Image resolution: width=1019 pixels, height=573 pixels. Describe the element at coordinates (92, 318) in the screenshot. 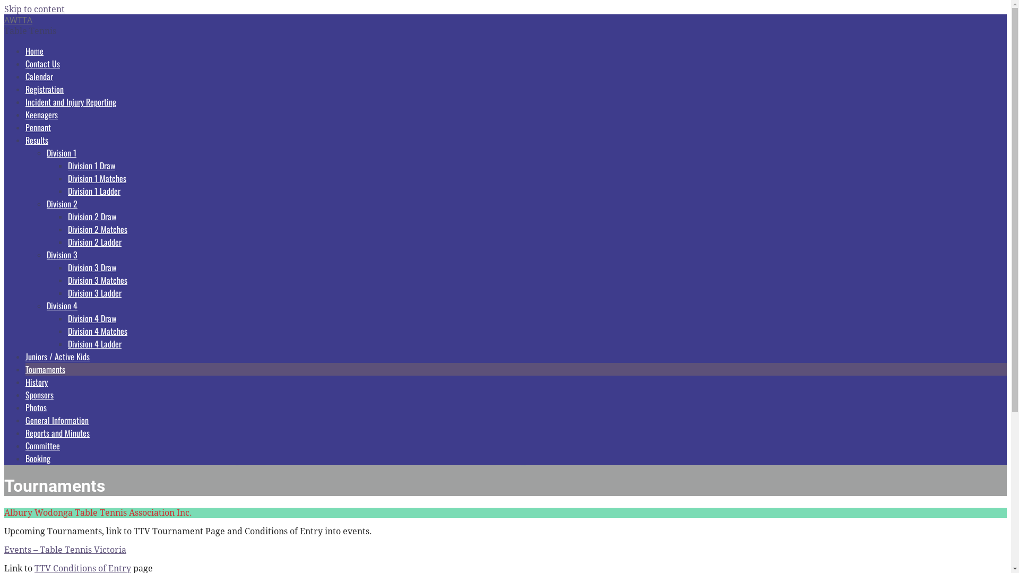

I see `'Division 4 Draw'` at that location.